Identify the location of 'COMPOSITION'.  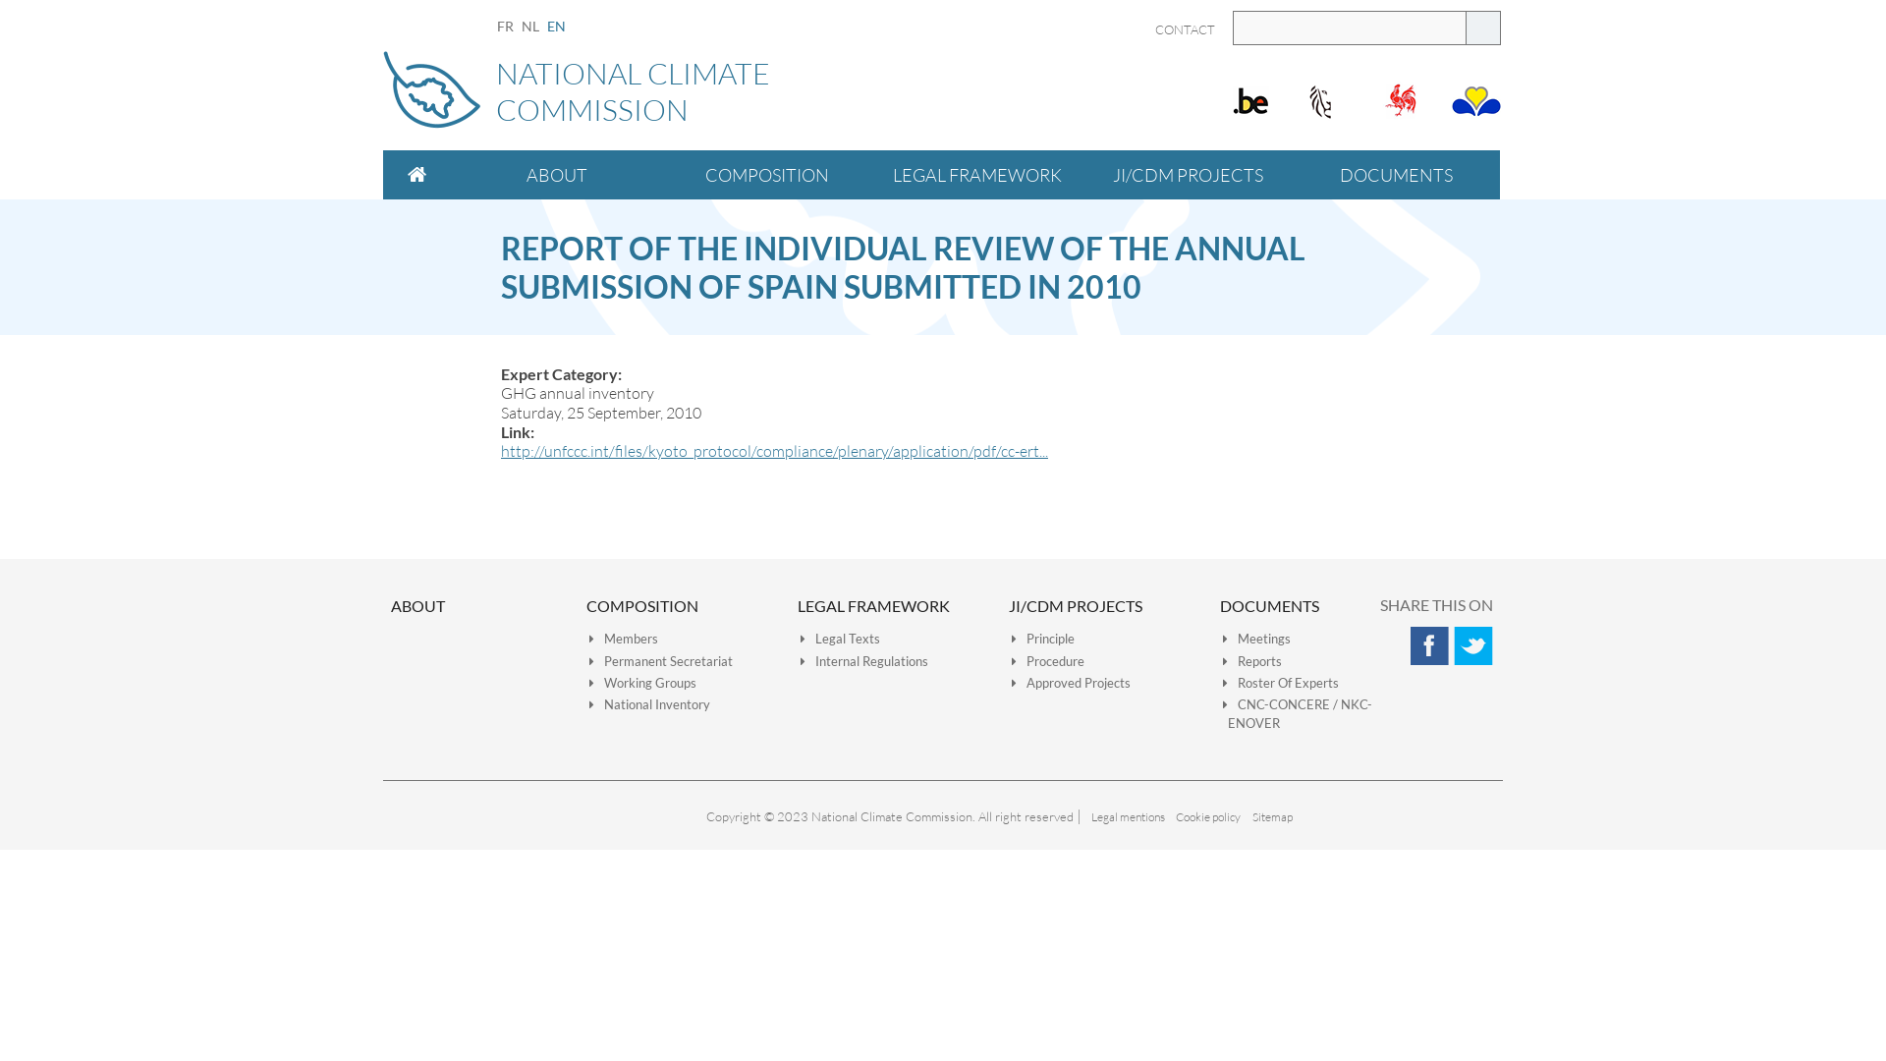
(661, 173).